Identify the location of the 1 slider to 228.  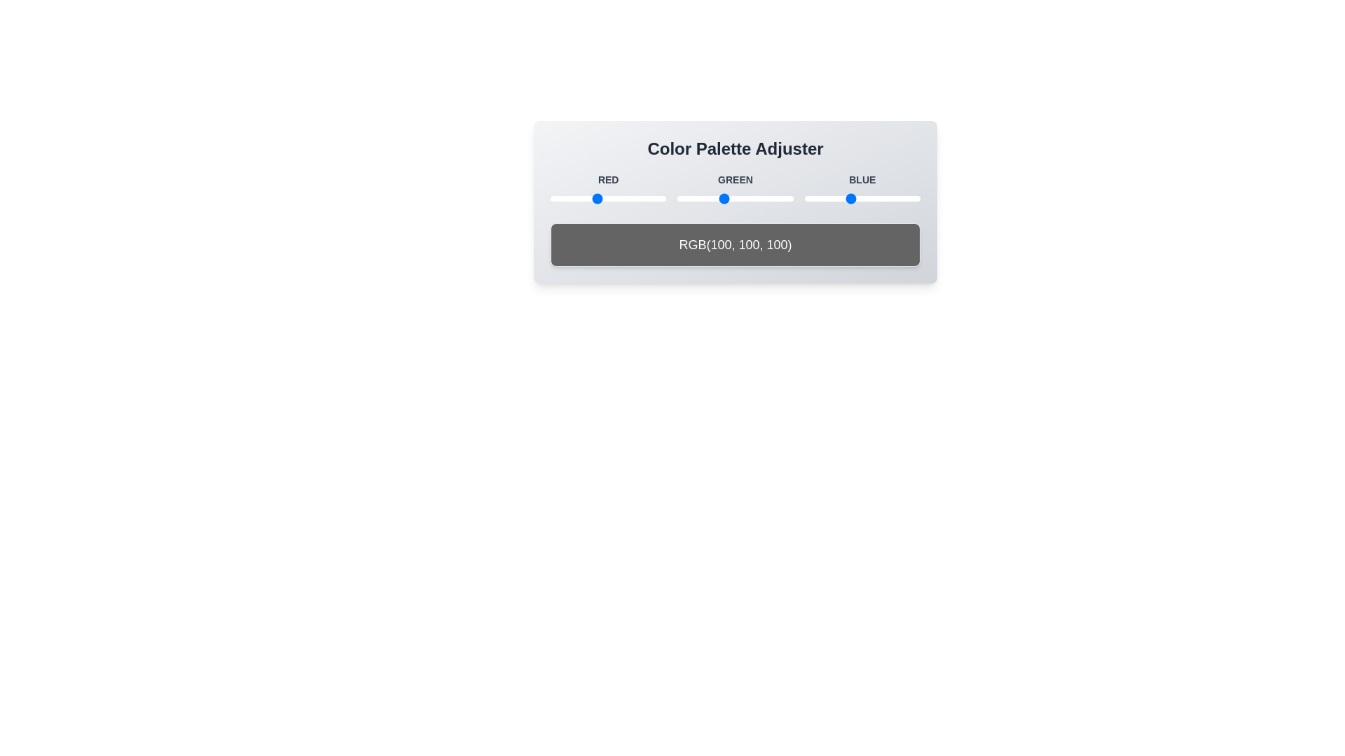
(653, 199).